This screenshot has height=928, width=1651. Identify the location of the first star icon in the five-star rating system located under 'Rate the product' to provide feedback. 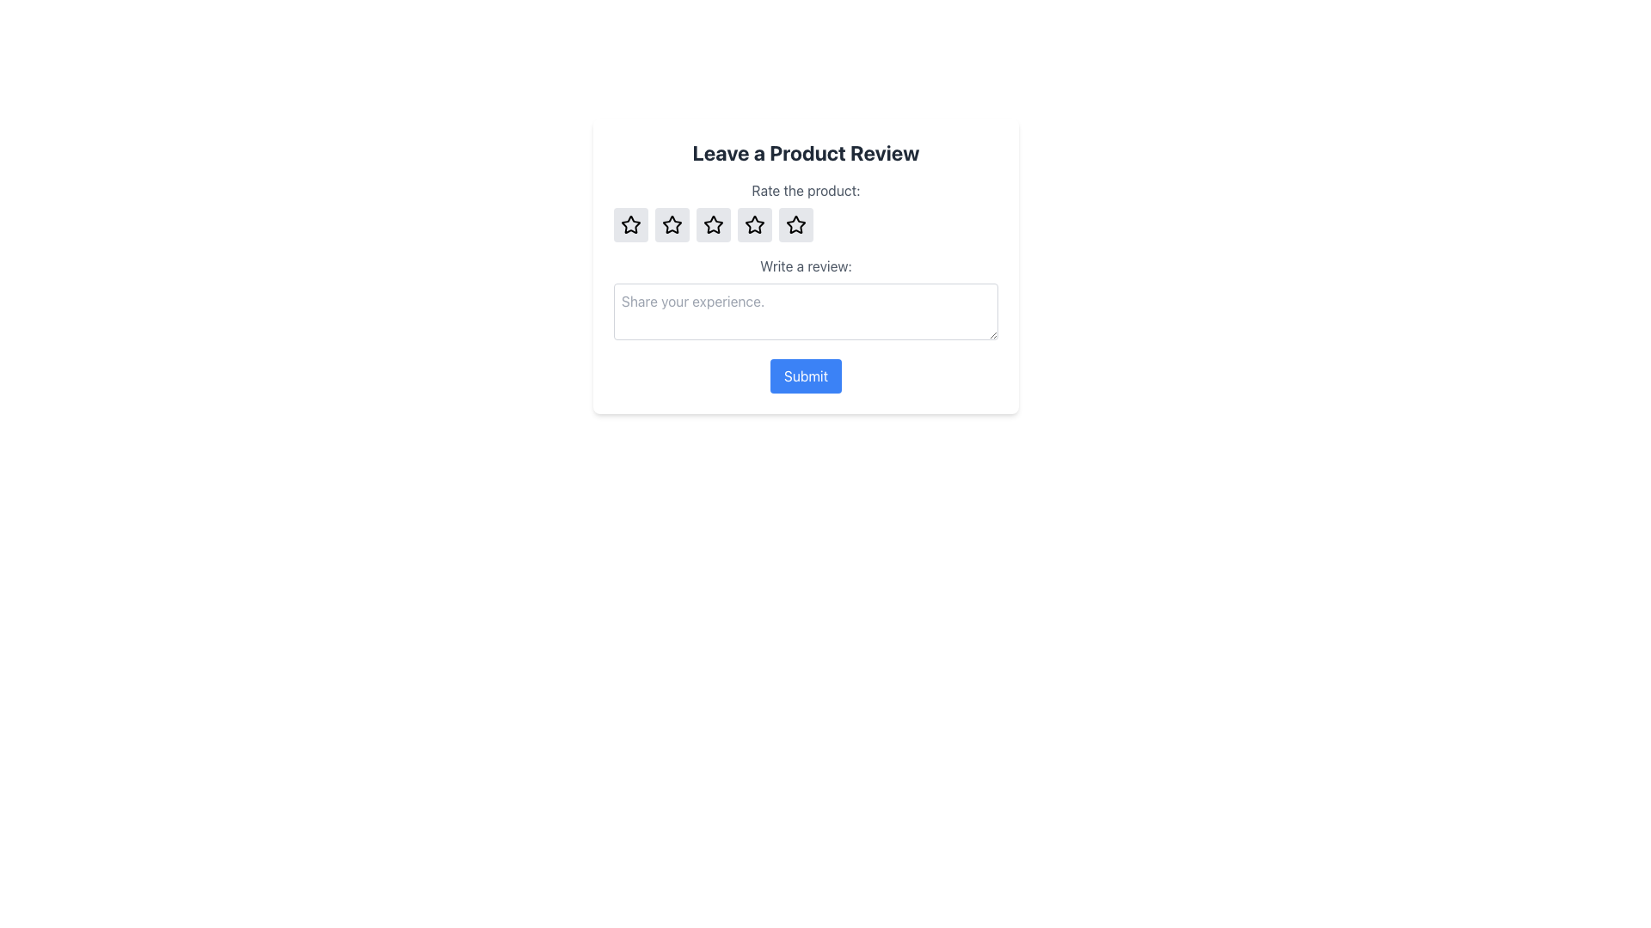
(630, 224).